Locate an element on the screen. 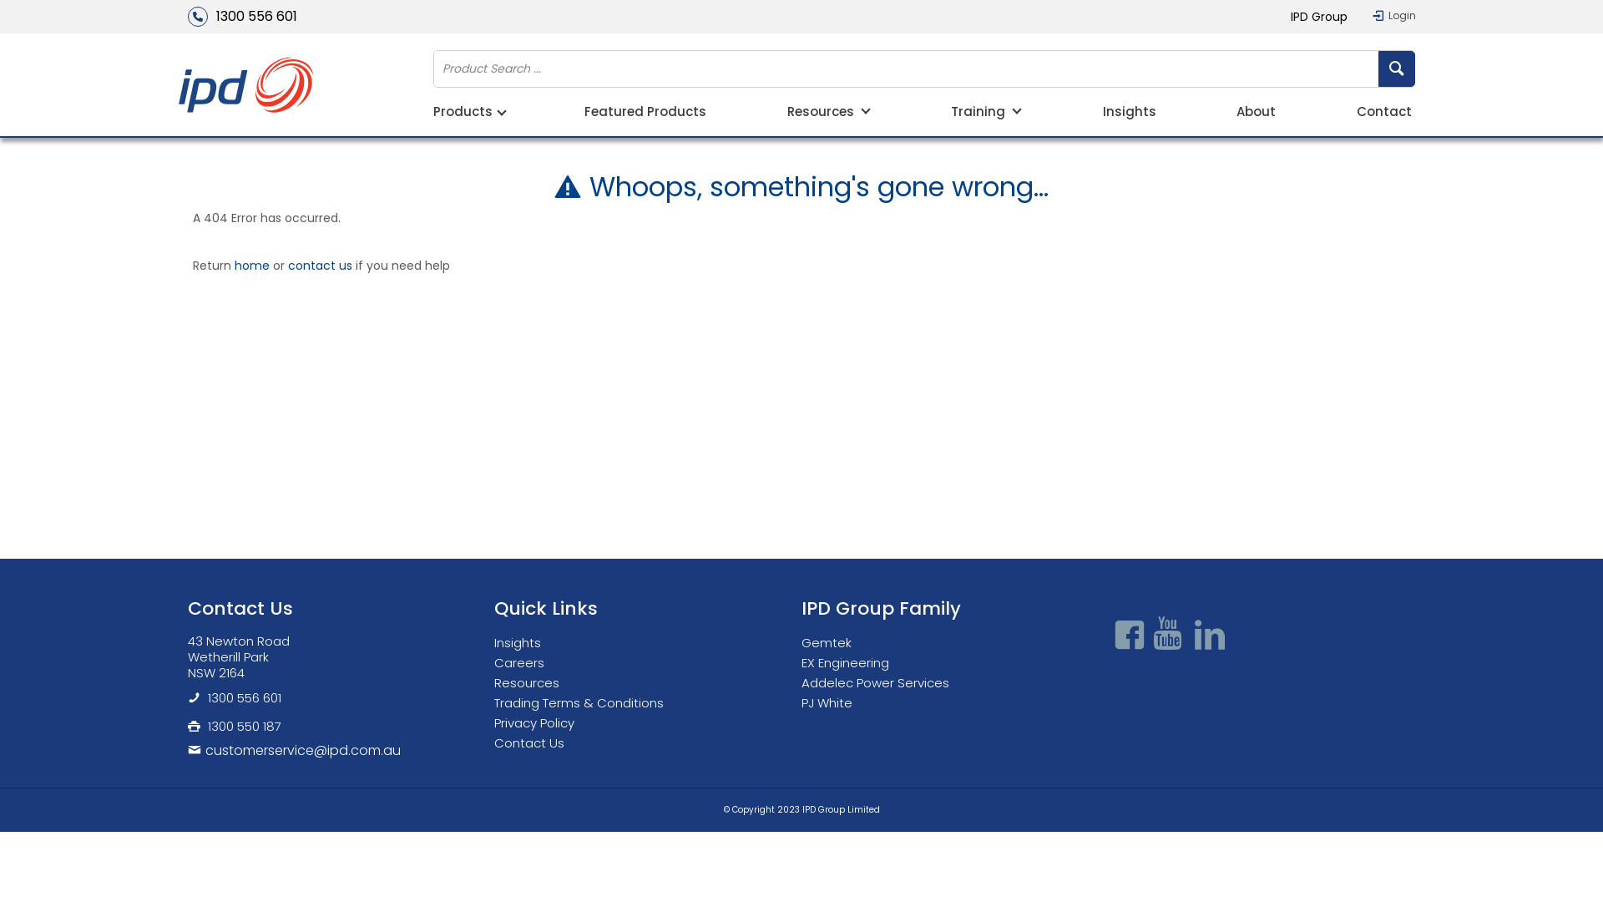 This screenshot has height=902, width=1603. 'Contact Us' is located at coordinates (532, 742).